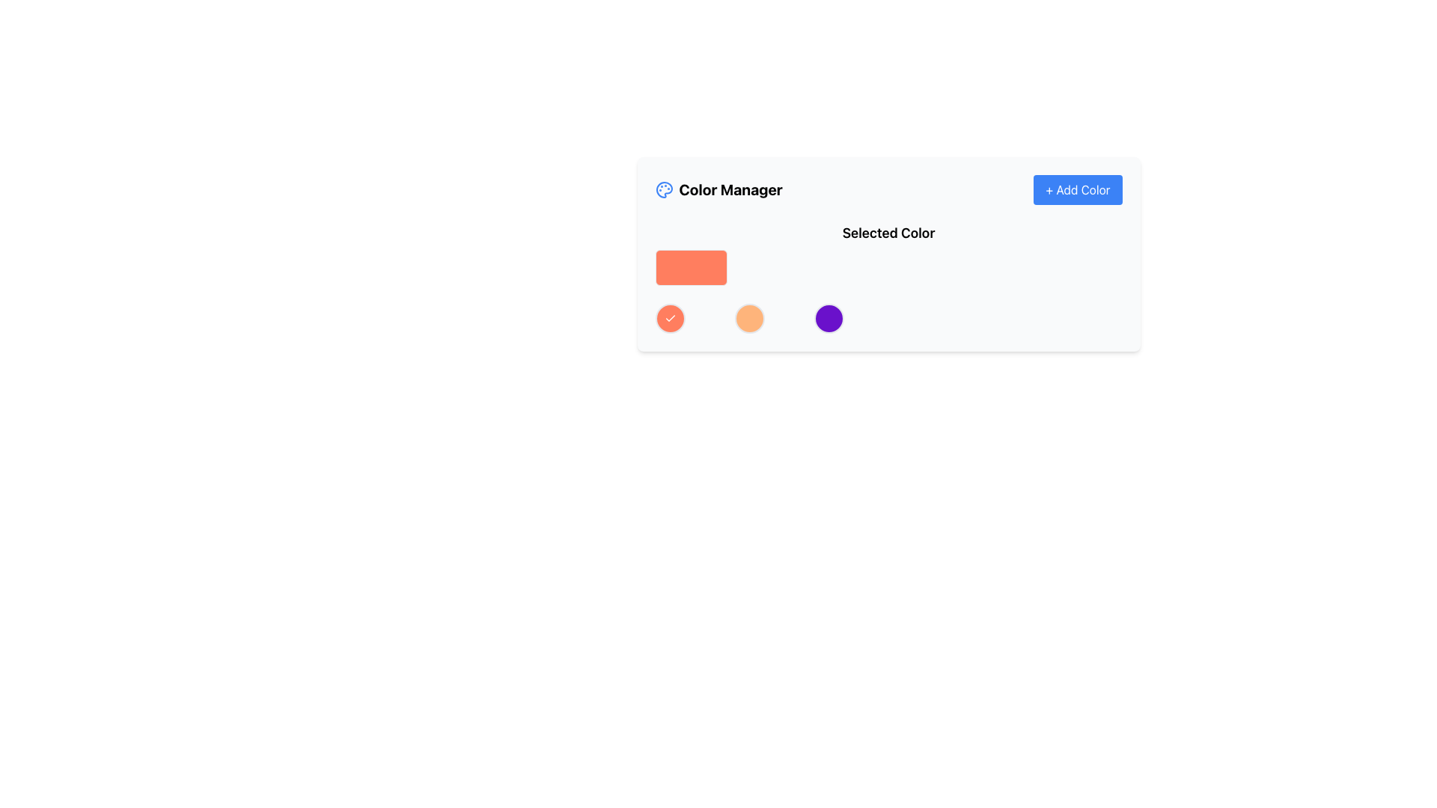  Describe the element at coordinates (669, 317) in the screenshot. I see `the circular orange button with a white checkmark icon for visual feedback` at that location.